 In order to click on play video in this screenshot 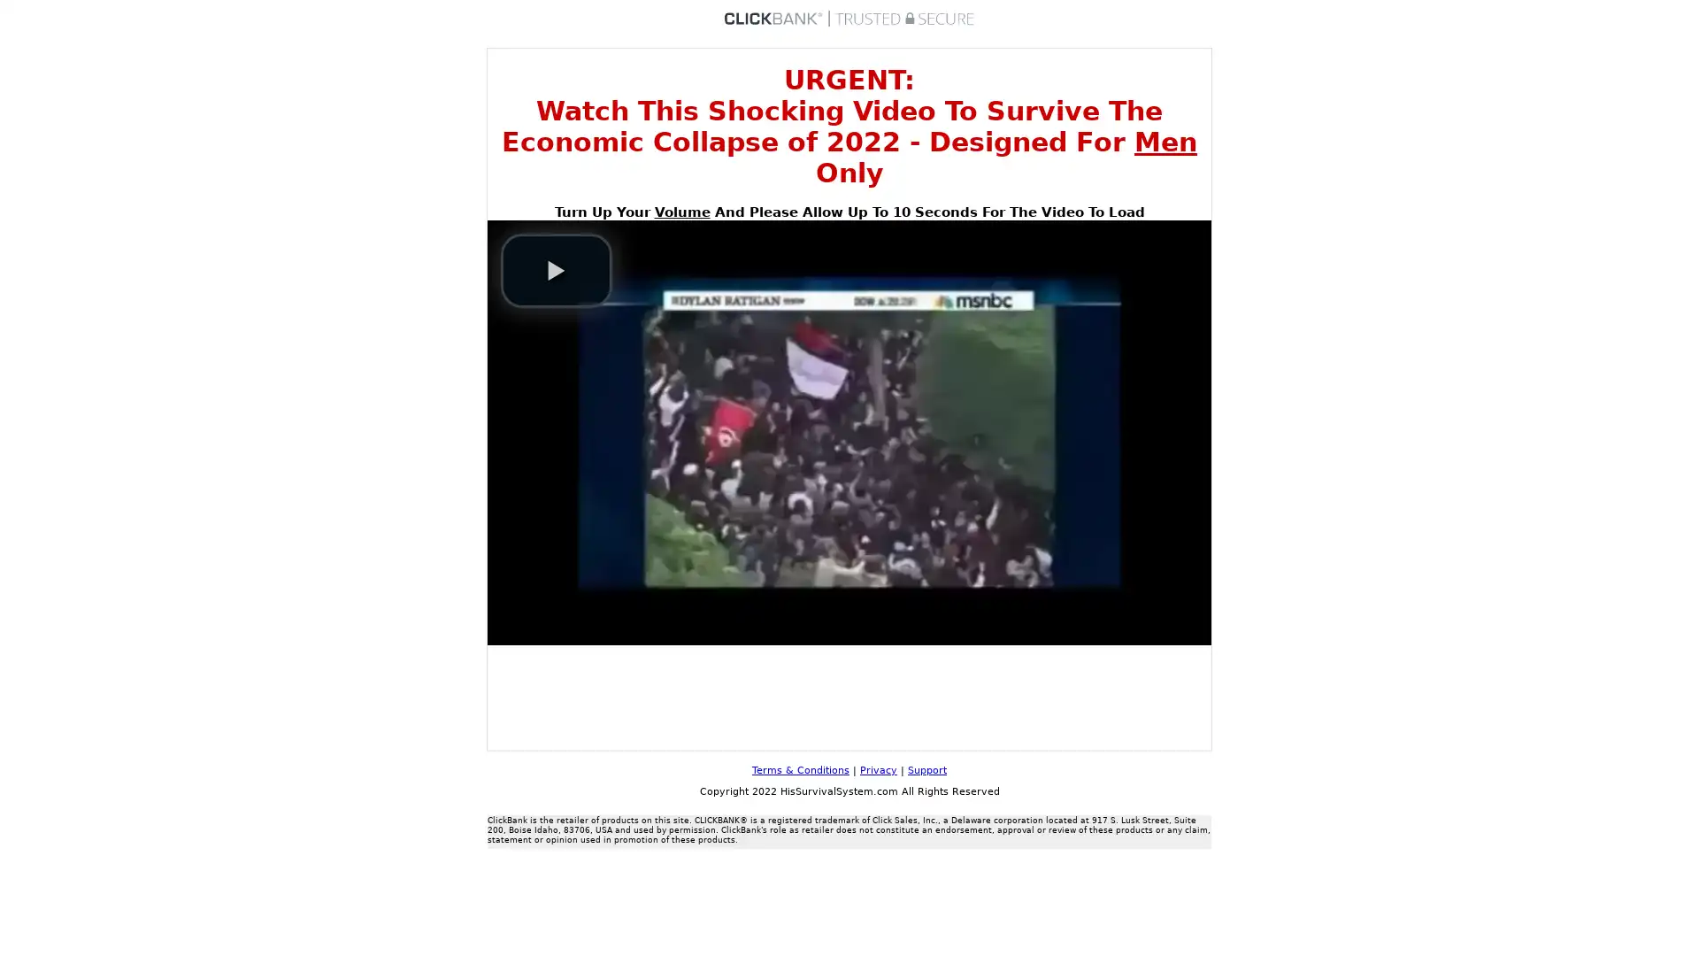, I will do `click(555, 270)`.